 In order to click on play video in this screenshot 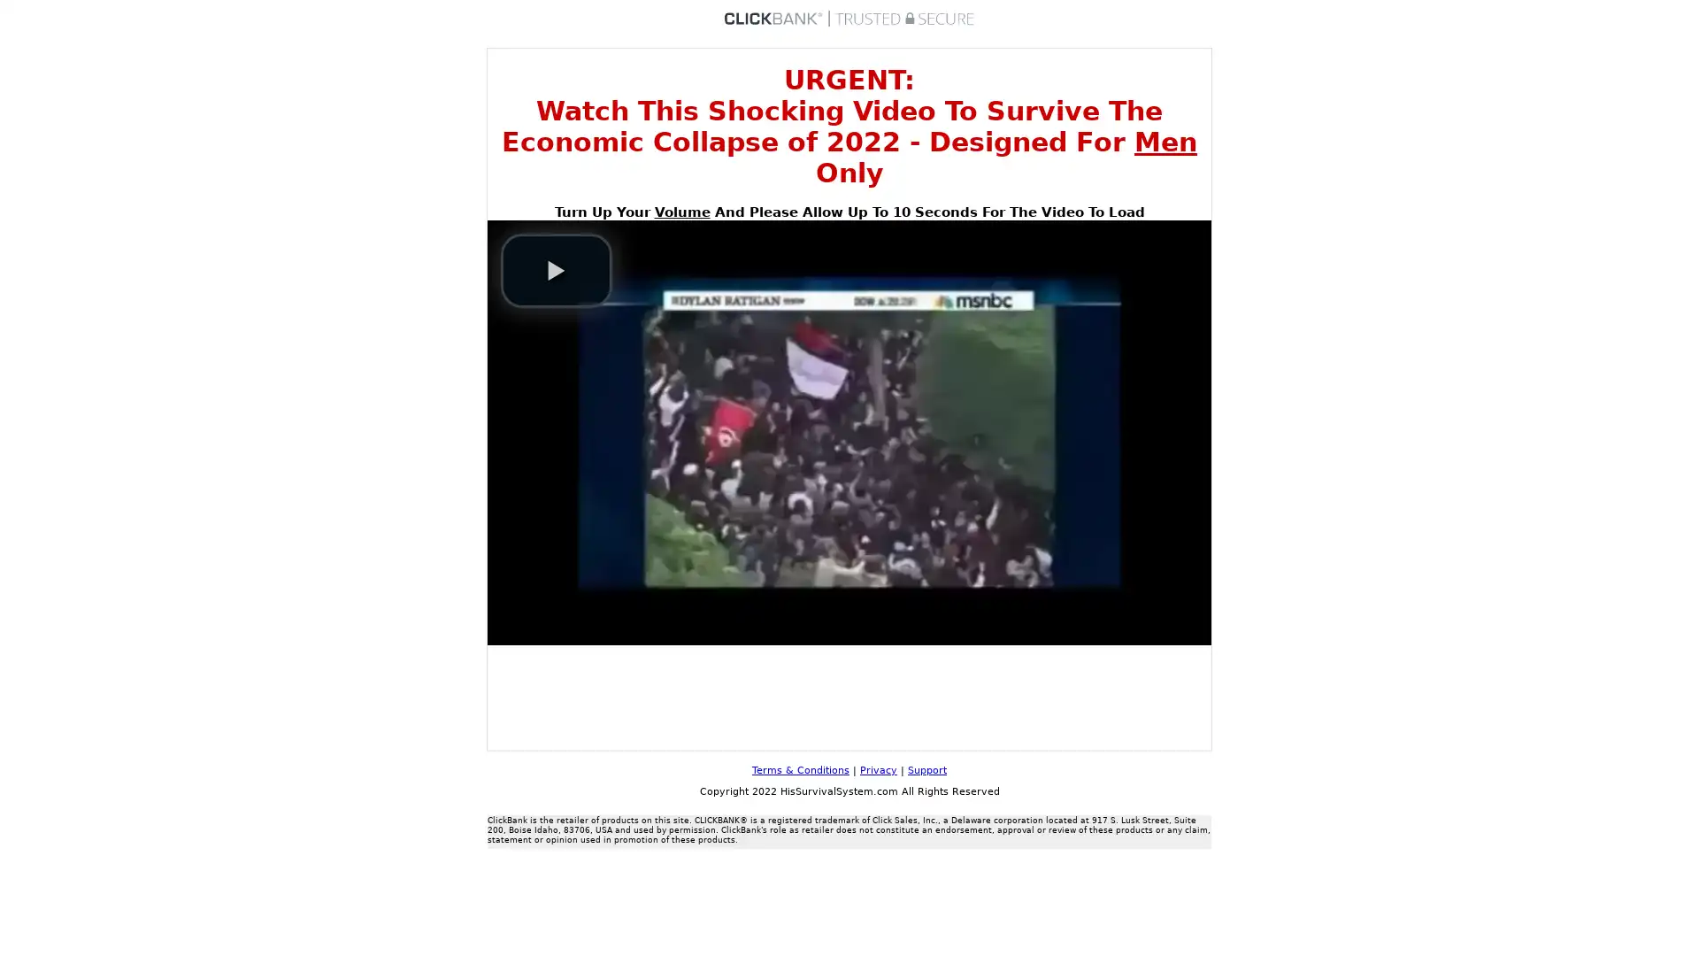, I will do `click(555, 270)`.